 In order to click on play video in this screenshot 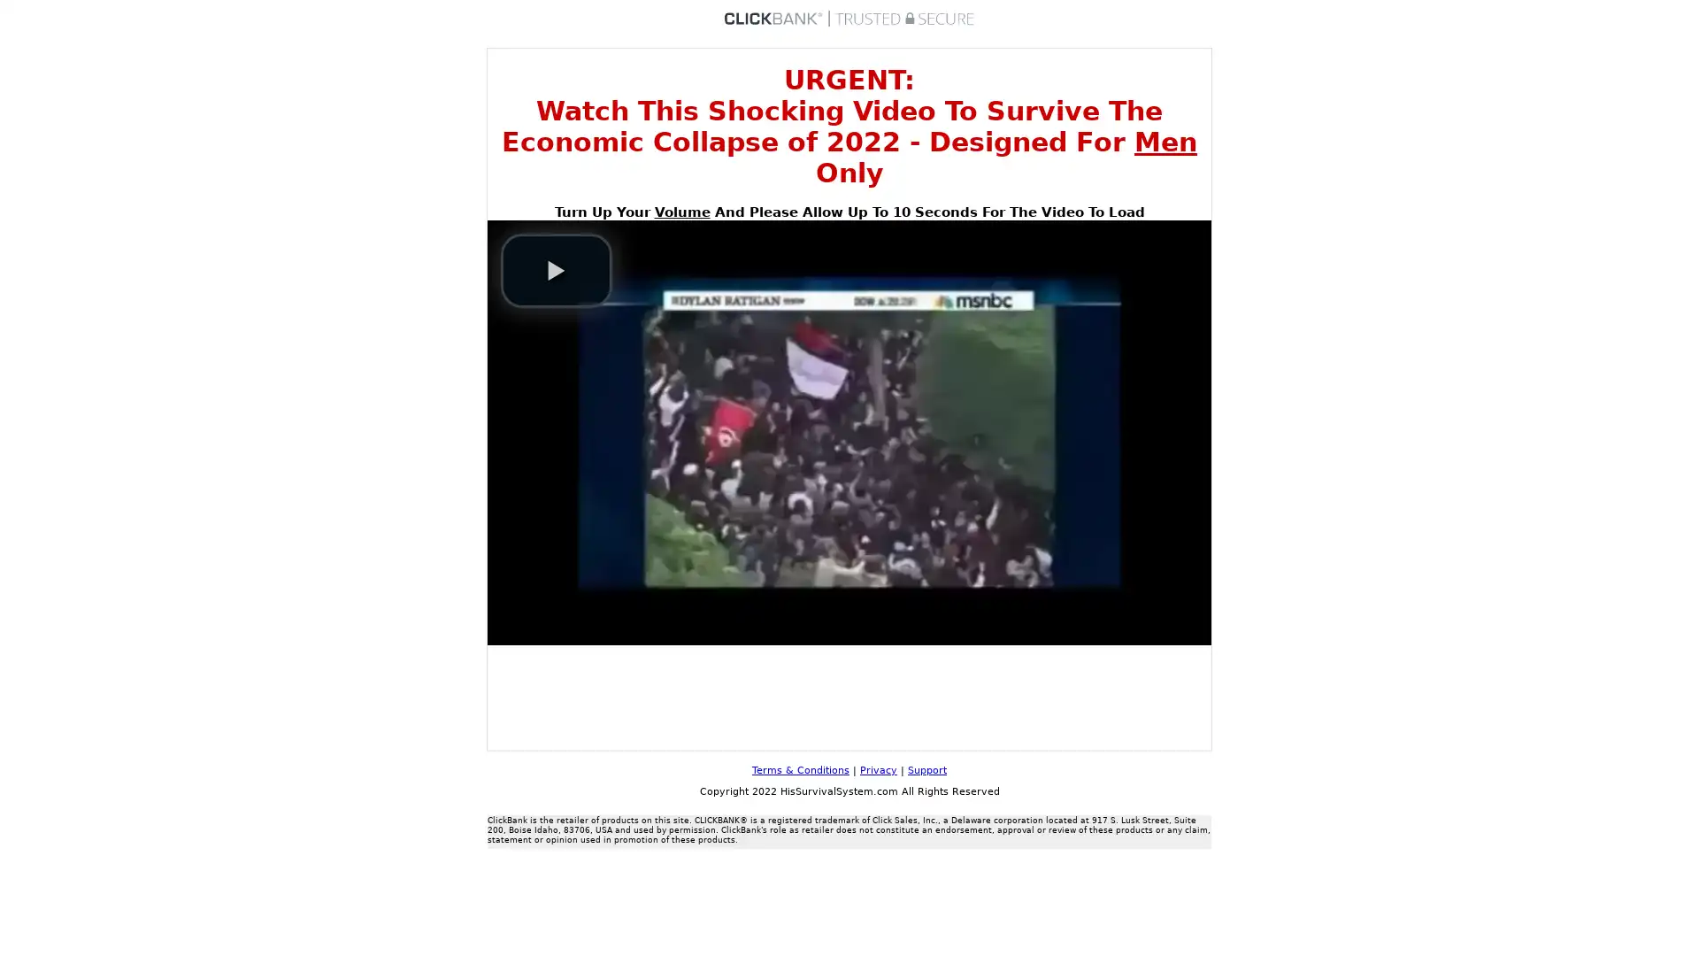, I will do `click(555, 270)`.